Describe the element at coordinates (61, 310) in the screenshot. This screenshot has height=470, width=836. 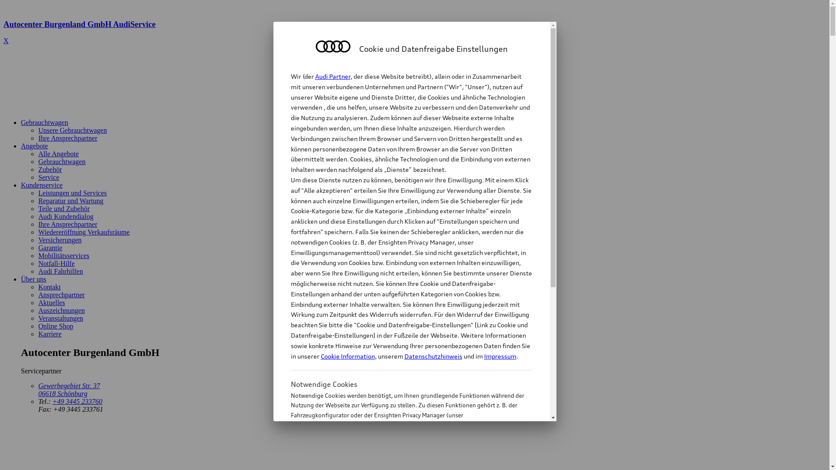
I see `'Auszeichnungen'` at that location.